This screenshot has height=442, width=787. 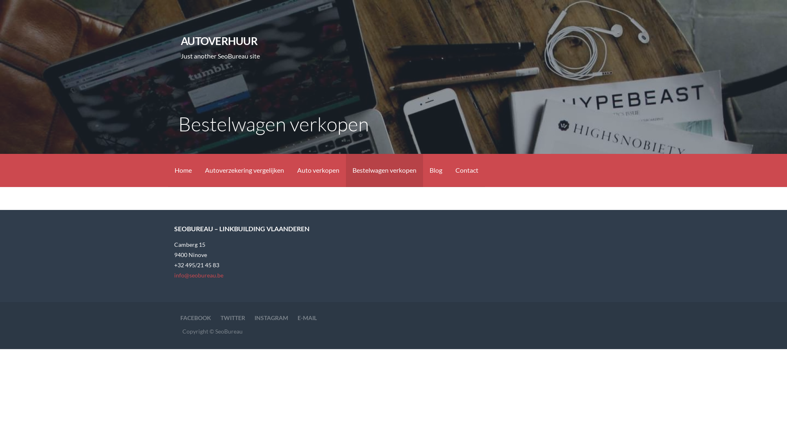 I want to click on 'E-MAIL', so click(x=307, y=317).